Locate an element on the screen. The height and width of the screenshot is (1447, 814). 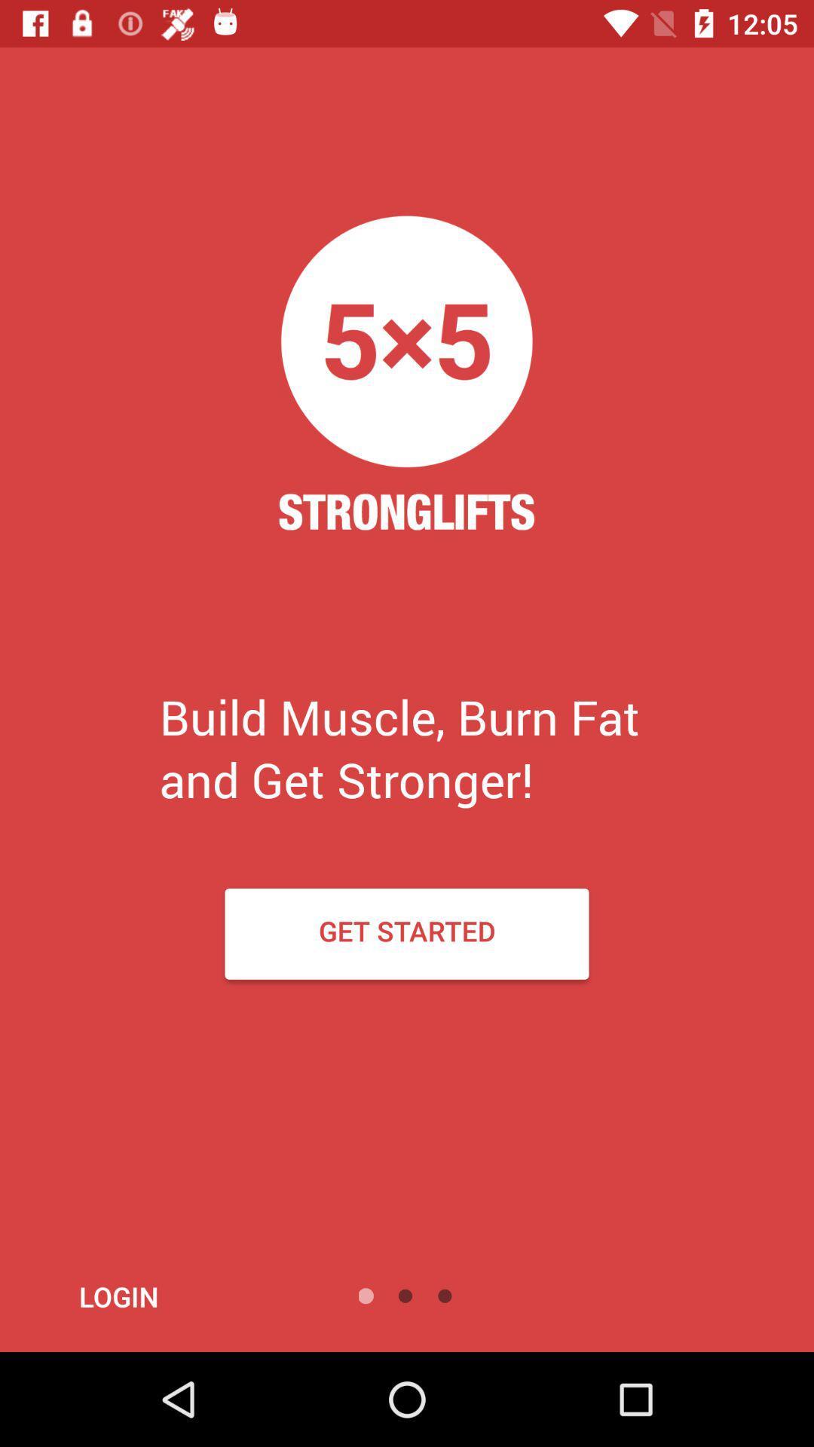
login at the bottom left corner is located at coordinates (159, 1296).